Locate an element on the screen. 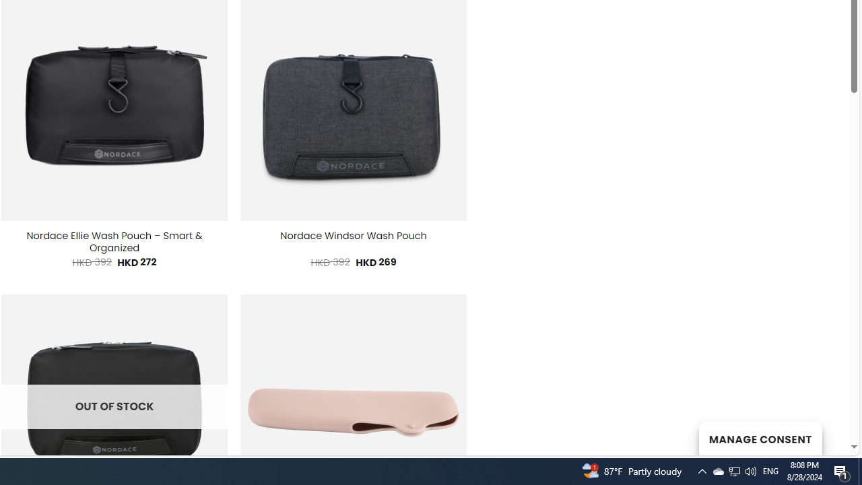 The image size is (862, 485). 'MANAGE CONSENT' is located at coordinates (760, 438).